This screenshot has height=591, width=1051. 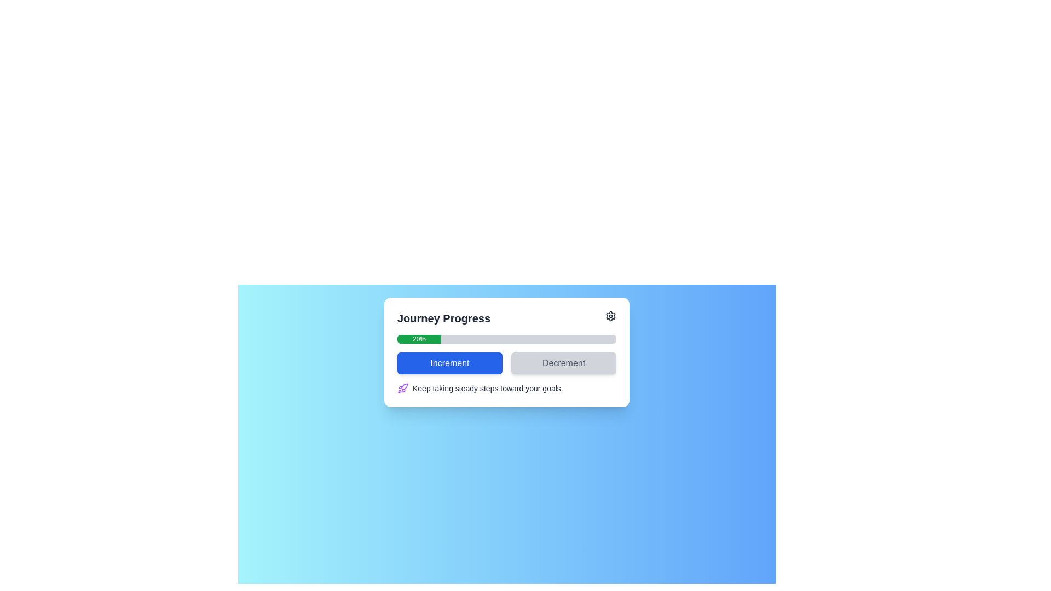 I want to click on the 'Decrement' button, which is a light gray rectangular button with darker gray text and rounded corners, located to the right of the 'Increment' button and below the 'Journey Progress' indicator, so click(x=564, y=363).